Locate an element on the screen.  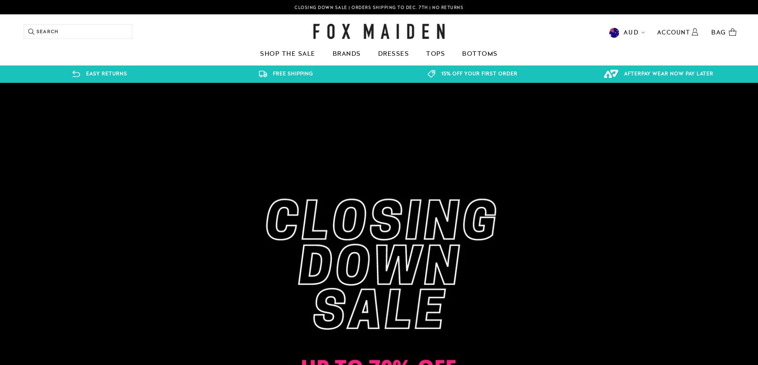
'CLOSING DOWN SALE | ORDERS SHIPPING TO DEC. 7TH | NO RETURNS' is located at coordinates (294, 7).